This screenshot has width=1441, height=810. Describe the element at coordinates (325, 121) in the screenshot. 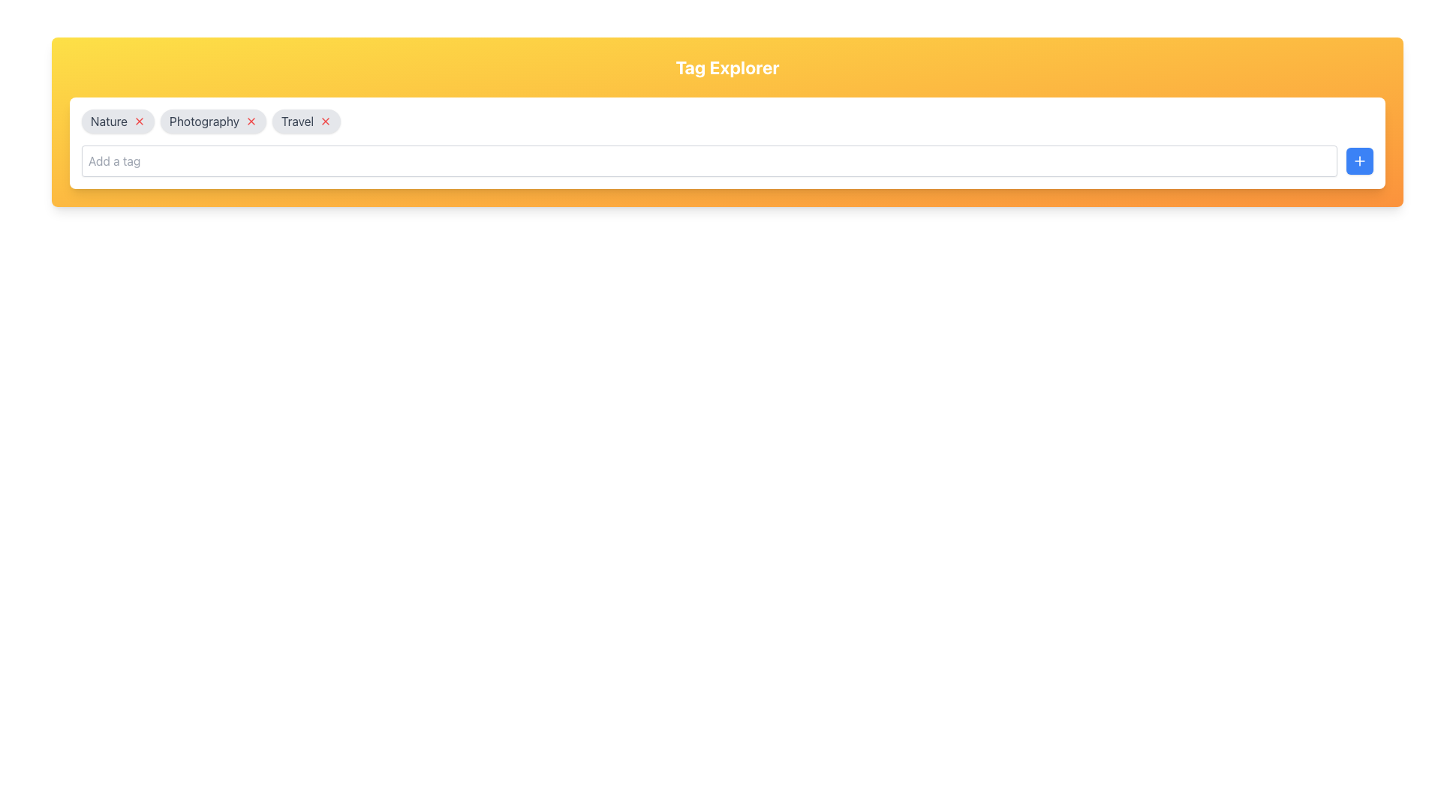

I see `the X icon on the right side of the 'Travel' tag` at that location.